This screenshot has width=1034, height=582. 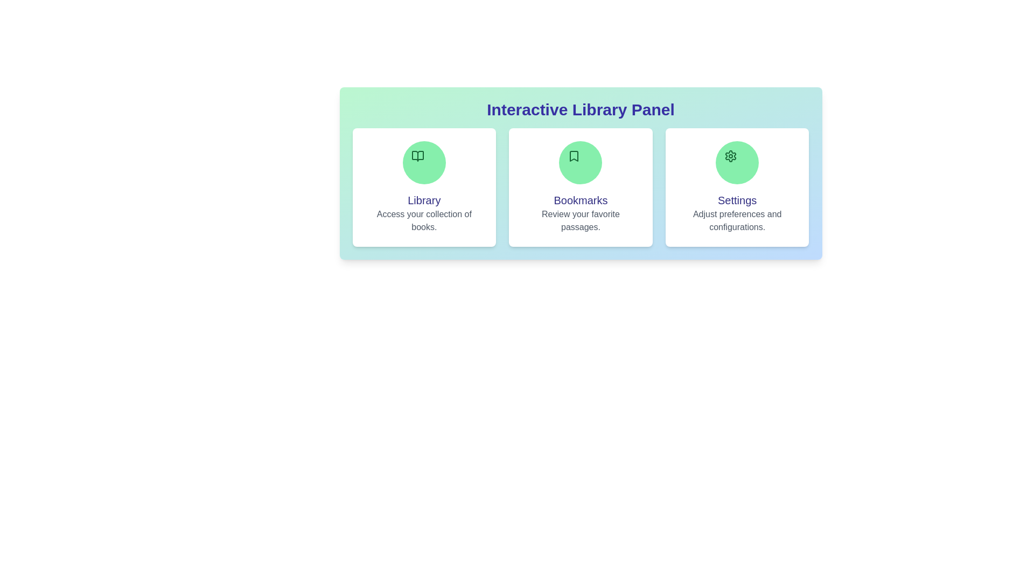 I want to click on the section title Bookmarks to highlight it, so click(x=580, y=200).